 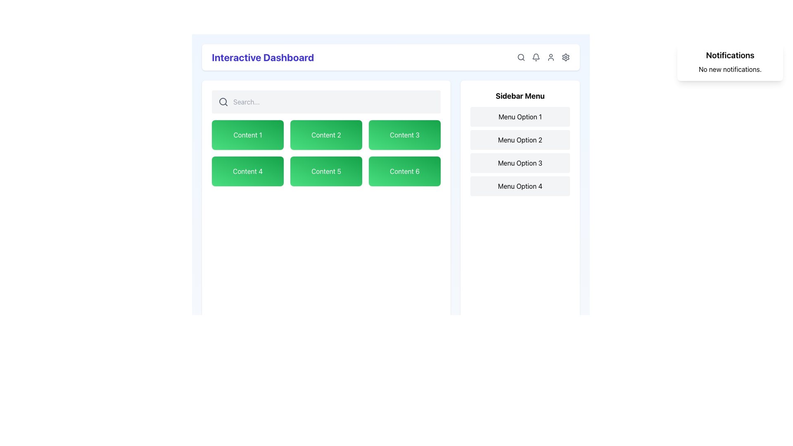 What do you see at coordinates (520, 186) in the screenshot?
I see `the 'Menu Option 4' button in the sidebar navigation to trigger its hover state` at bounding box center [520, 186].